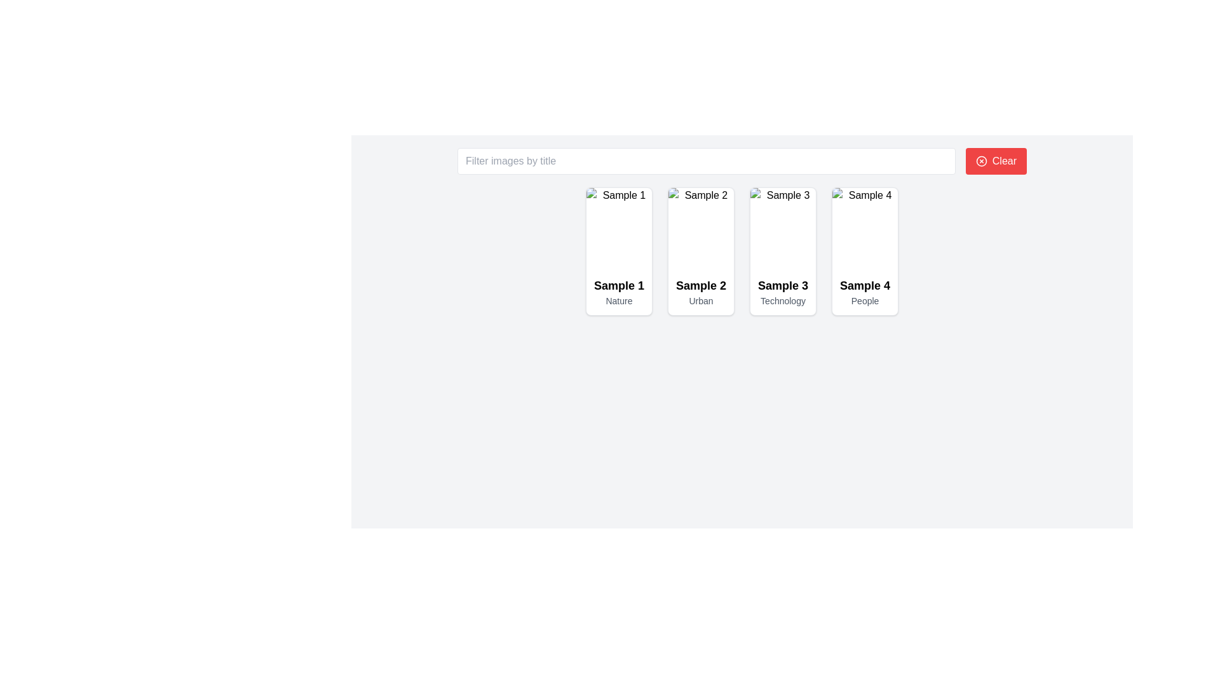  Describe the element at coordinates (980, 161) in the screenshot. I see `the circular red 'X' icon located to the left of the 'Clear' text button` at that location.